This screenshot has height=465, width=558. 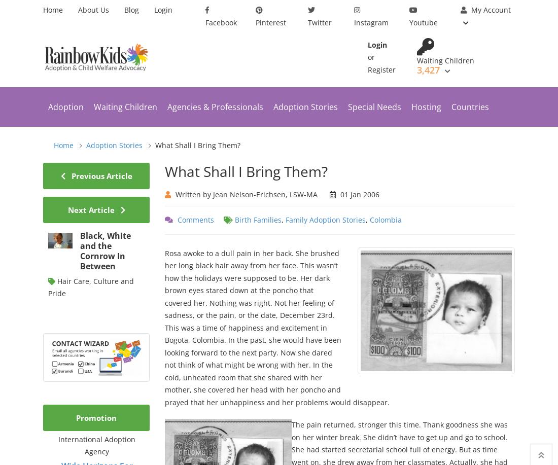 I want to click on 'Country Programs', so click(x=56, y=195).